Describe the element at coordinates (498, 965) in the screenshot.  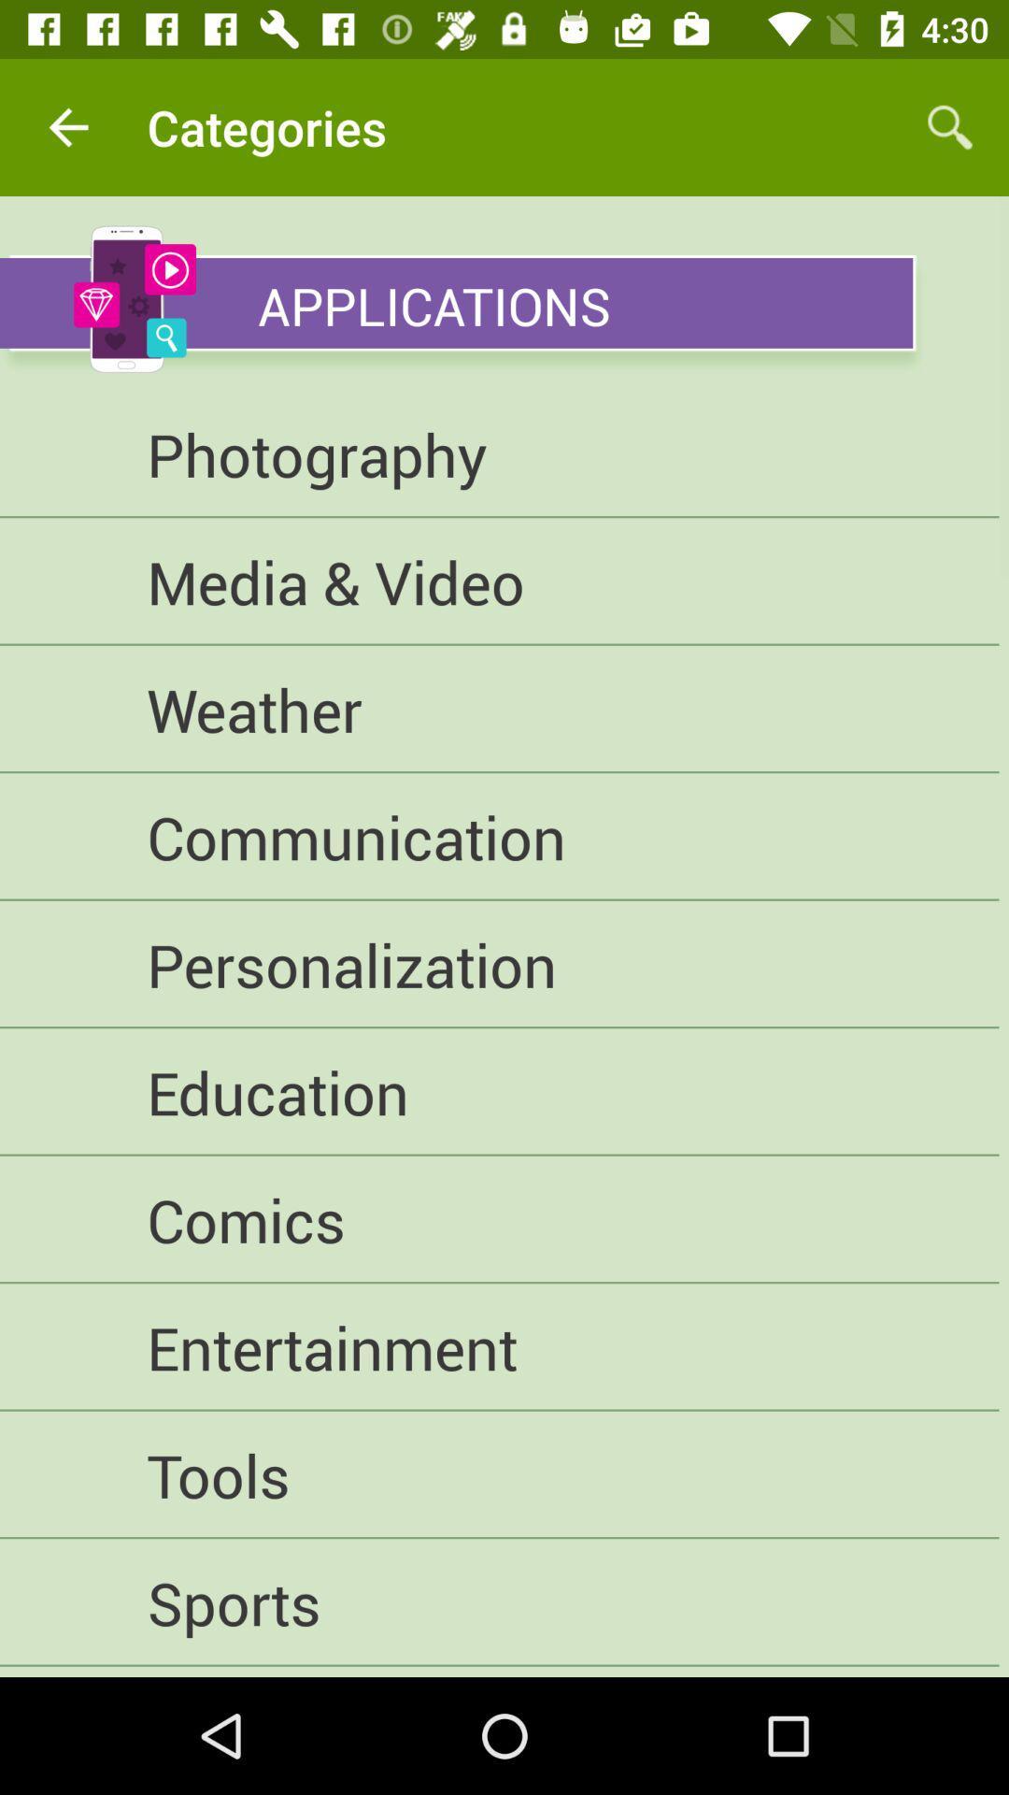
I see `the personalization` at that location.